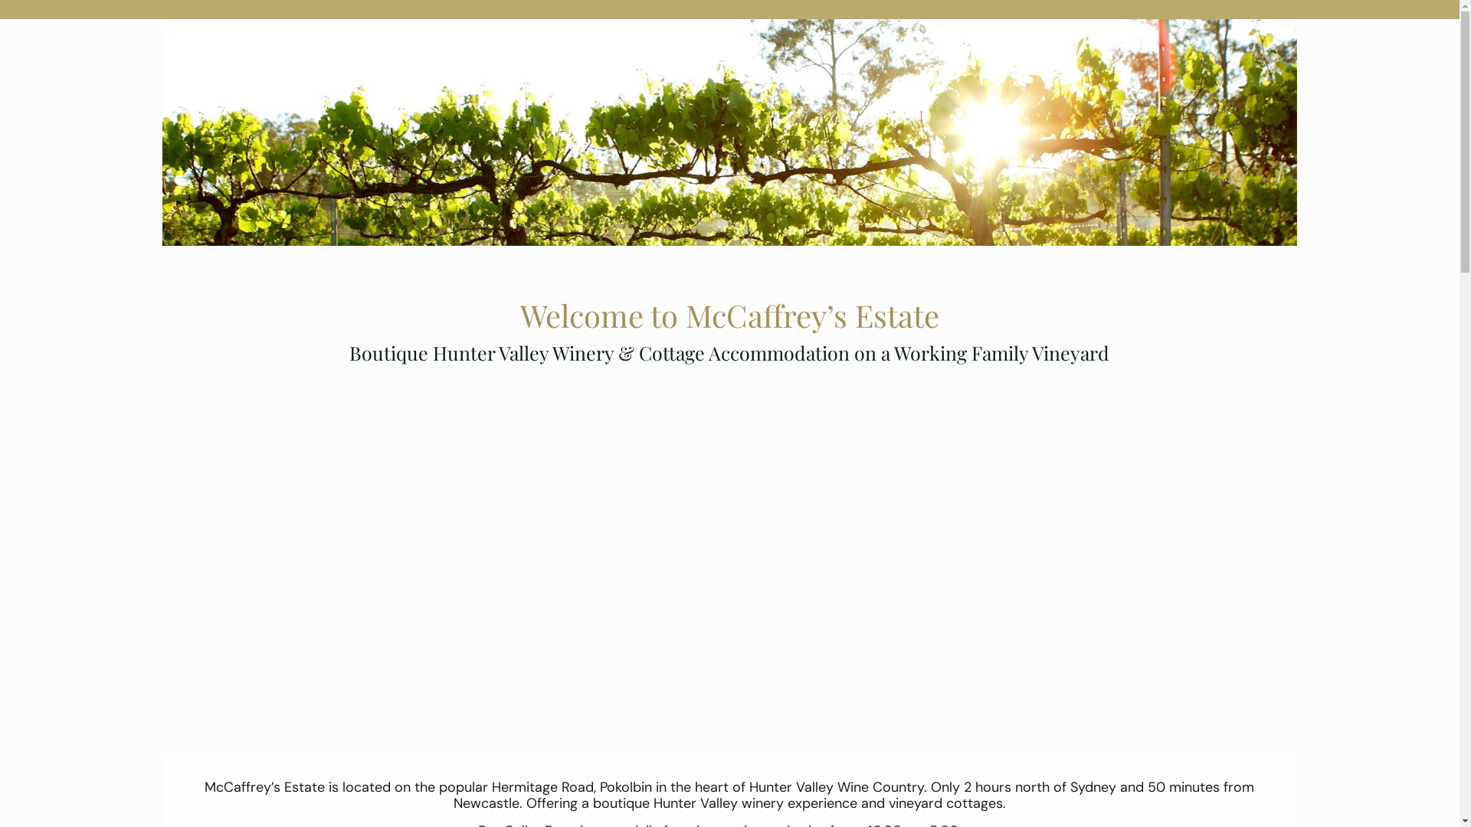 The image size is (1471, 827). Describe the element at coordinates (728, 541) in the screenshot. I see `'YouTube video player'` at that location.